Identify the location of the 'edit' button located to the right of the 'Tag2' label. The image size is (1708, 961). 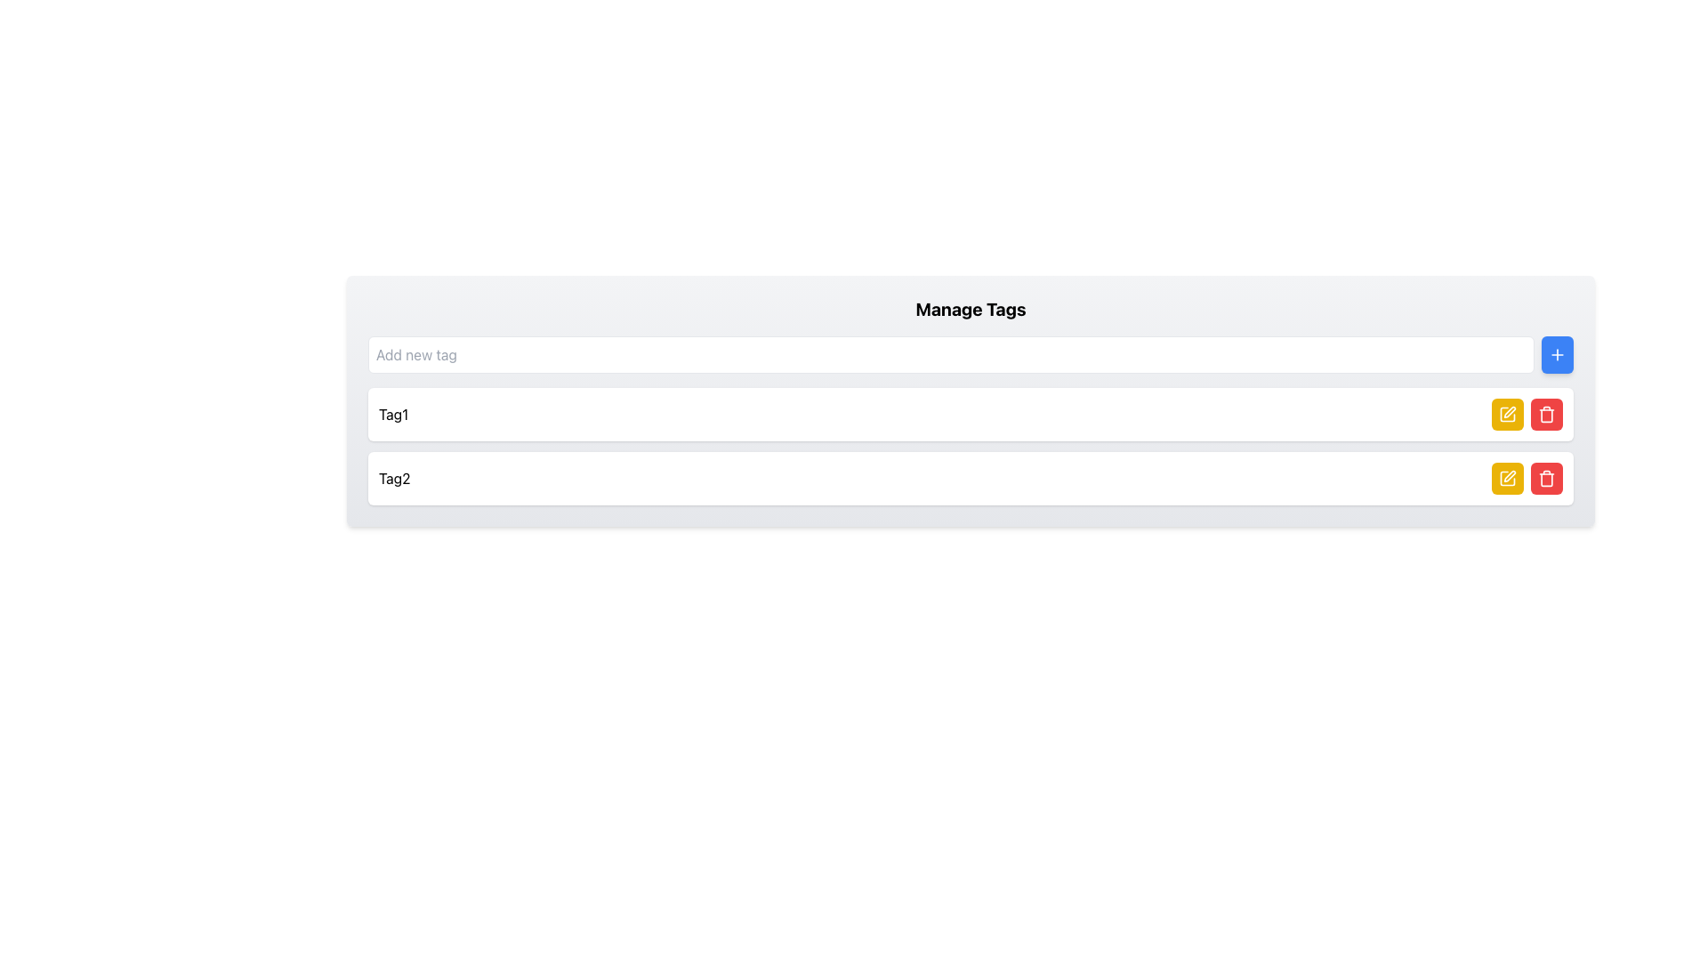
(1506, 477).